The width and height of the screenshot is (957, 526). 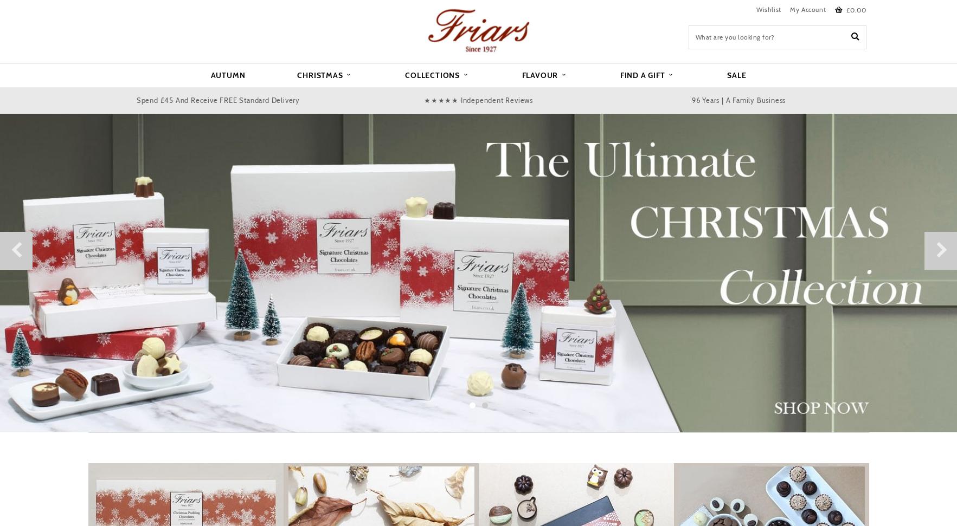 I want to click on 'Collections', so click(x=433, y=74).